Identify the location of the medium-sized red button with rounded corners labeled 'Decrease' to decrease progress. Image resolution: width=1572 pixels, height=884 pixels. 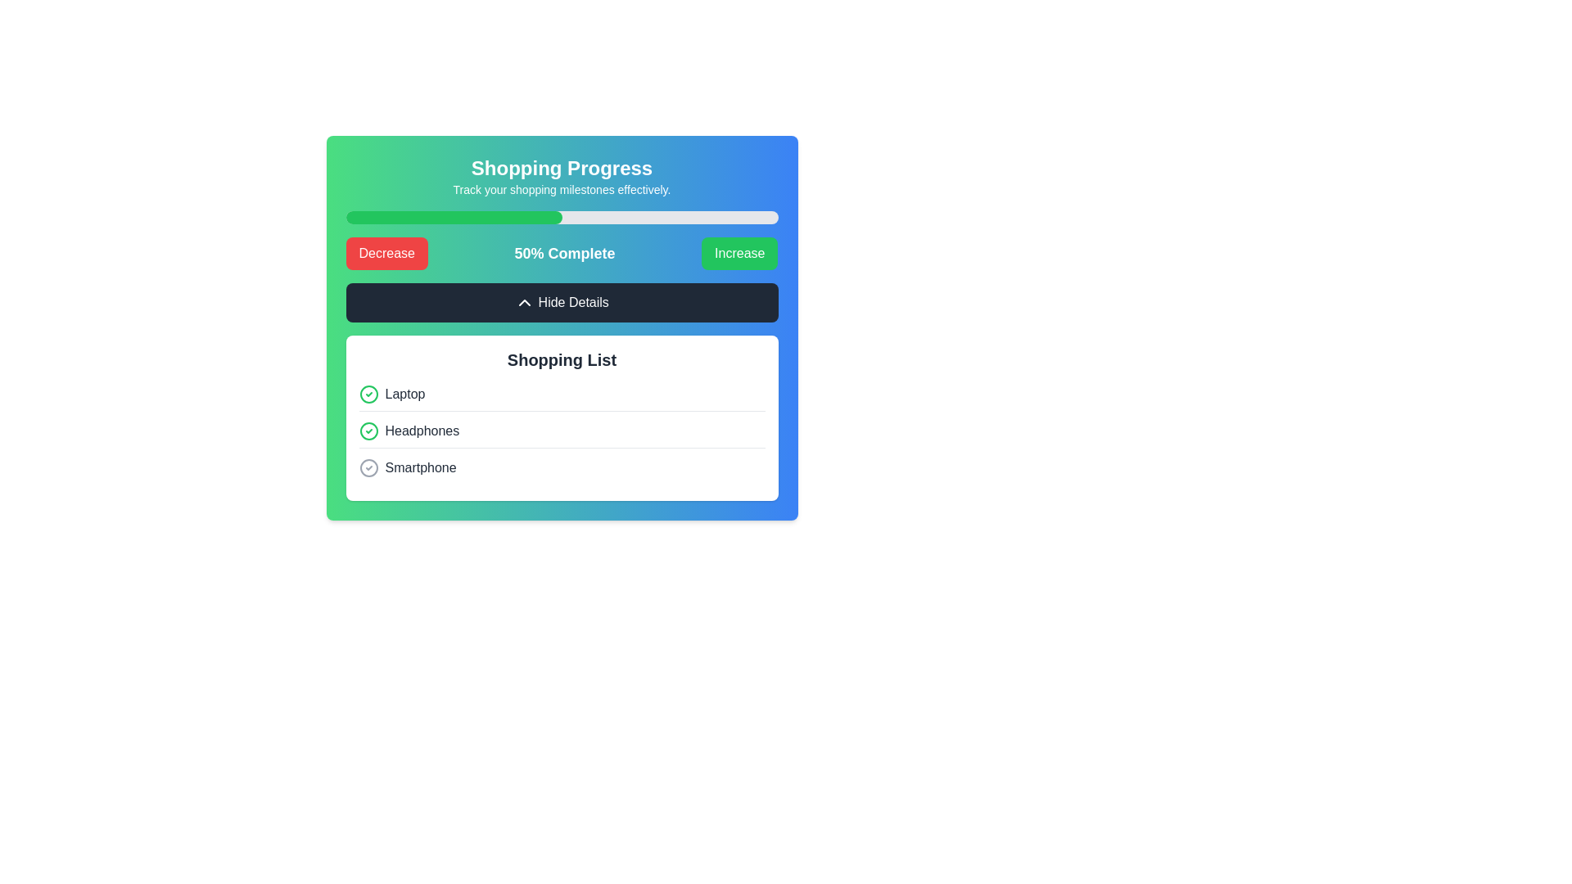
(386, 253).